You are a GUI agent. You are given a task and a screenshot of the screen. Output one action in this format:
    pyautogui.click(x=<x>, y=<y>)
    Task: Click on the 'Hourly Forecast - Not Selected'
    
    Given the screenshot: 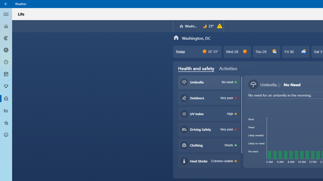 What is the action you would take?
    pyautogui.click(x=6, y=62)
    